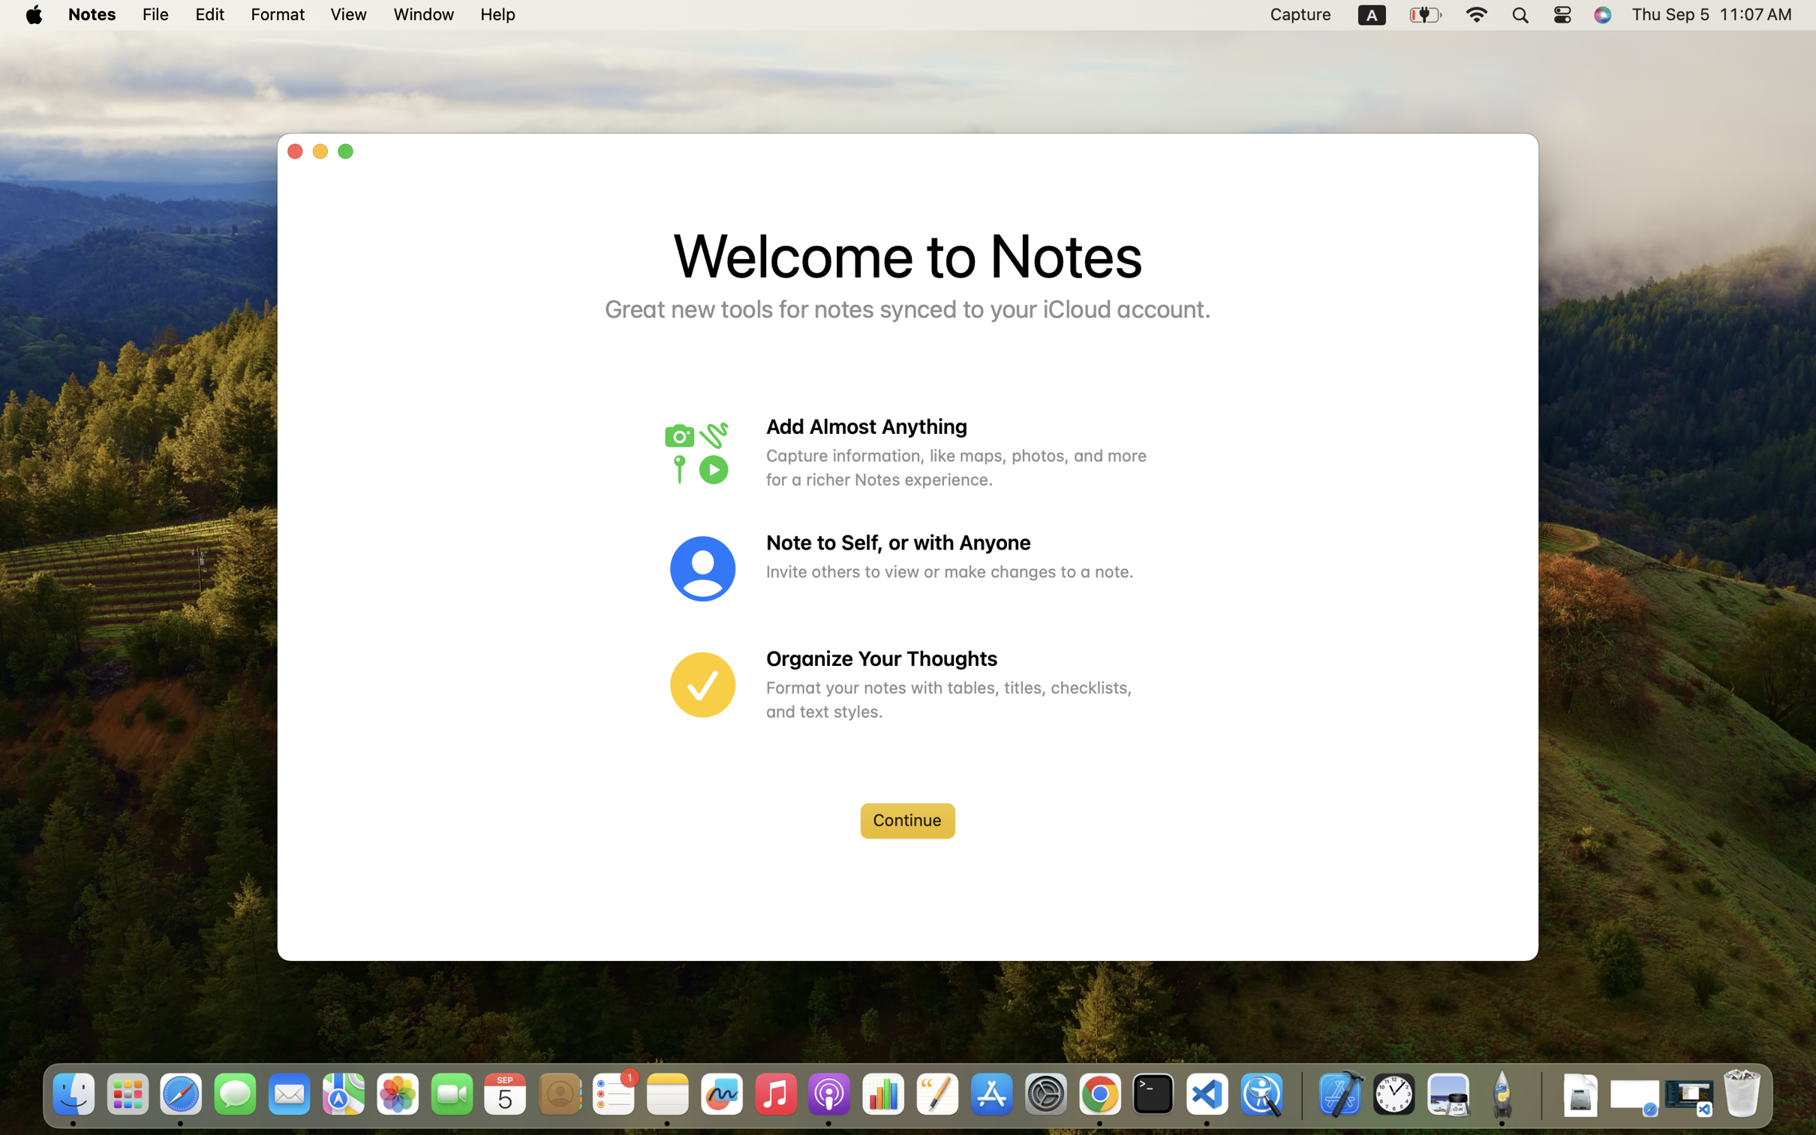 The image size is (1816, 1135). What do you see at coordinates (906, 309) in the screenshot?
I see `'Great new tools for notes synced to your iCloud account.'` at bounding box center [906, 309].